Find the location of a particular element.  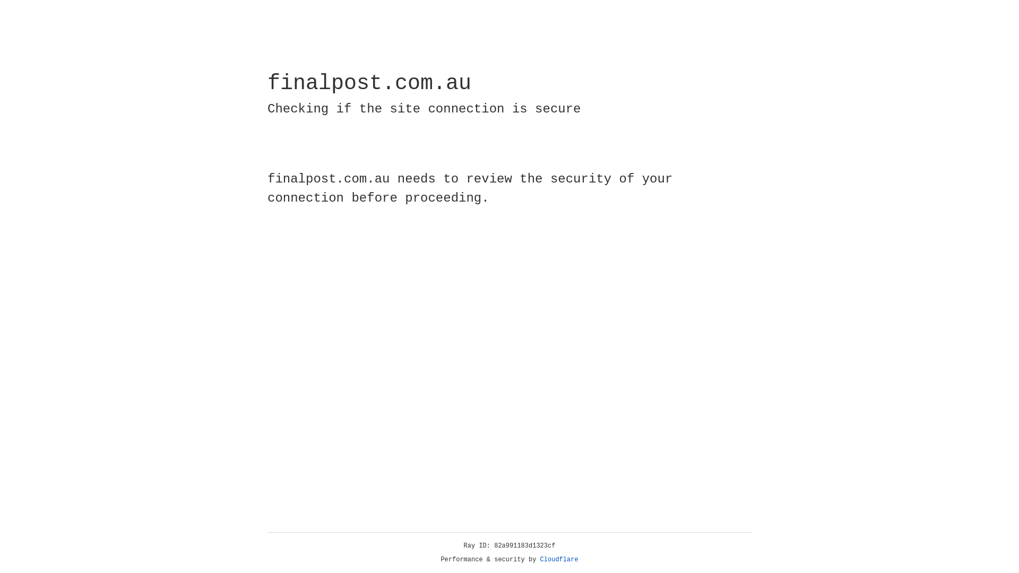

'Cloudflare' is located at coordinates (559, 559).